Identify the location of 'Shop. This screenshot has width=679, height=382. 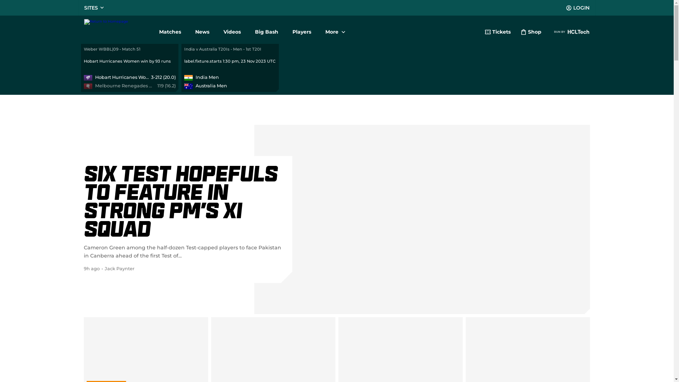
(531, 33).